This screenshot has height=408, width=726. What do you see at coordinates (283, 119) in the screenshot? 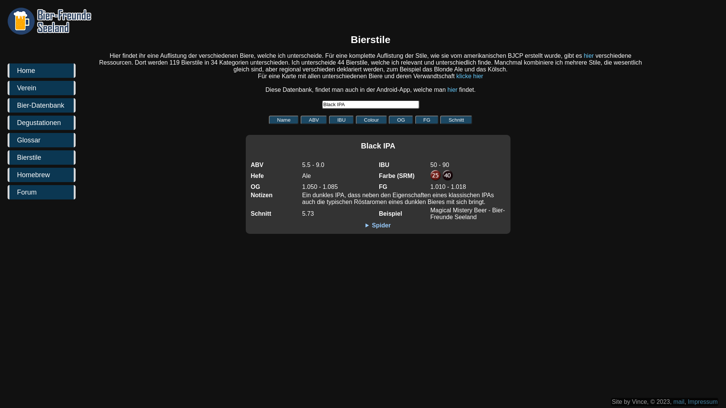
I see `'Name'` at bounding box center [283, 119].